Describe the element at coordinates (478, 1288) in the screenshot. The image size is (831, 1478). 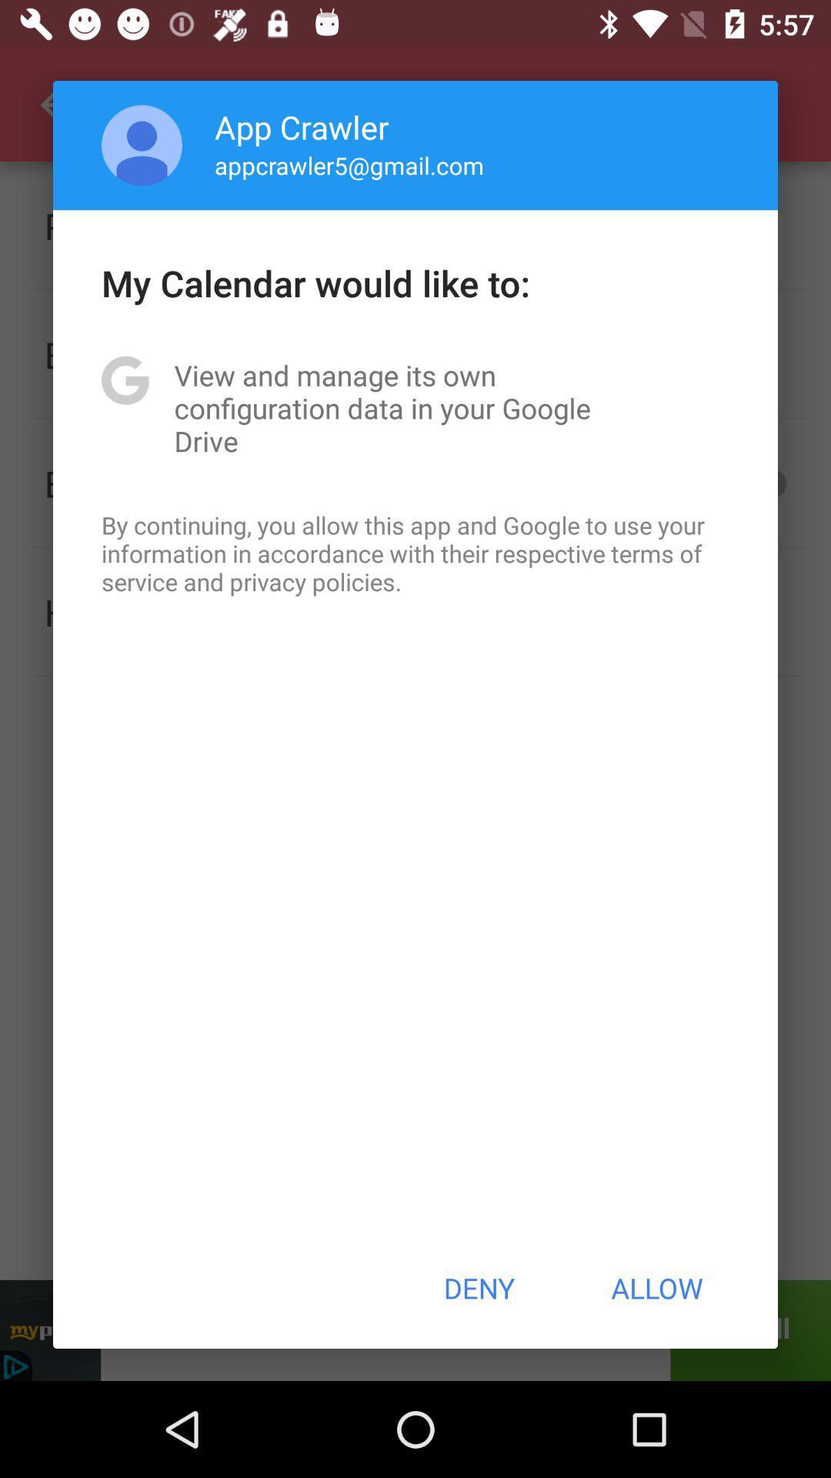
I see `app below the by continuing you icon` at that location.